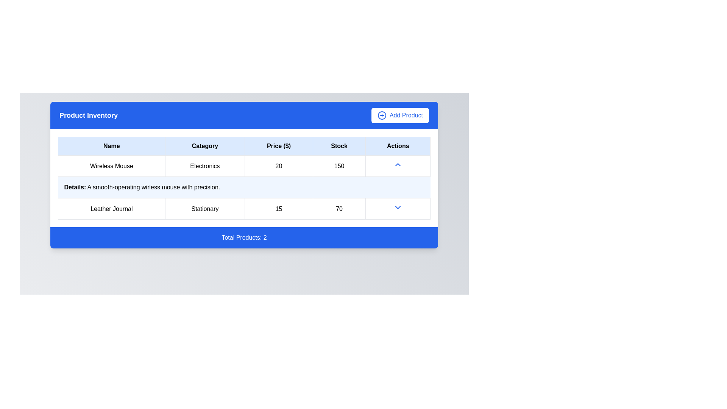  What do you see at coordinates (382, 115) in the screenshot?
I see `the circular graphical component of the 'Add Product' icon located at the top-right of the blue header bar` at bounding box center [382, 115].